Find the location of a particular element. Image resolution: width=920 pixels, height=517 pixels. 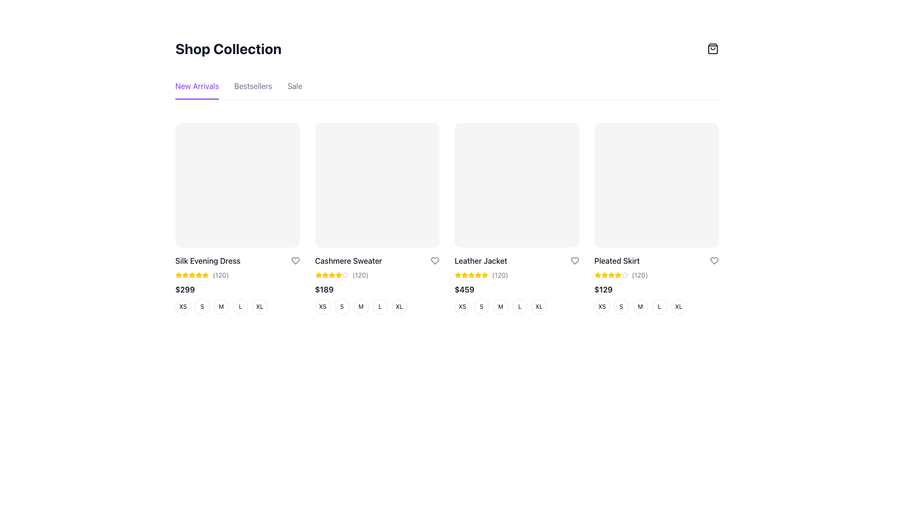

the circular button labeled 'XL' is located at coordinates (678, 306).